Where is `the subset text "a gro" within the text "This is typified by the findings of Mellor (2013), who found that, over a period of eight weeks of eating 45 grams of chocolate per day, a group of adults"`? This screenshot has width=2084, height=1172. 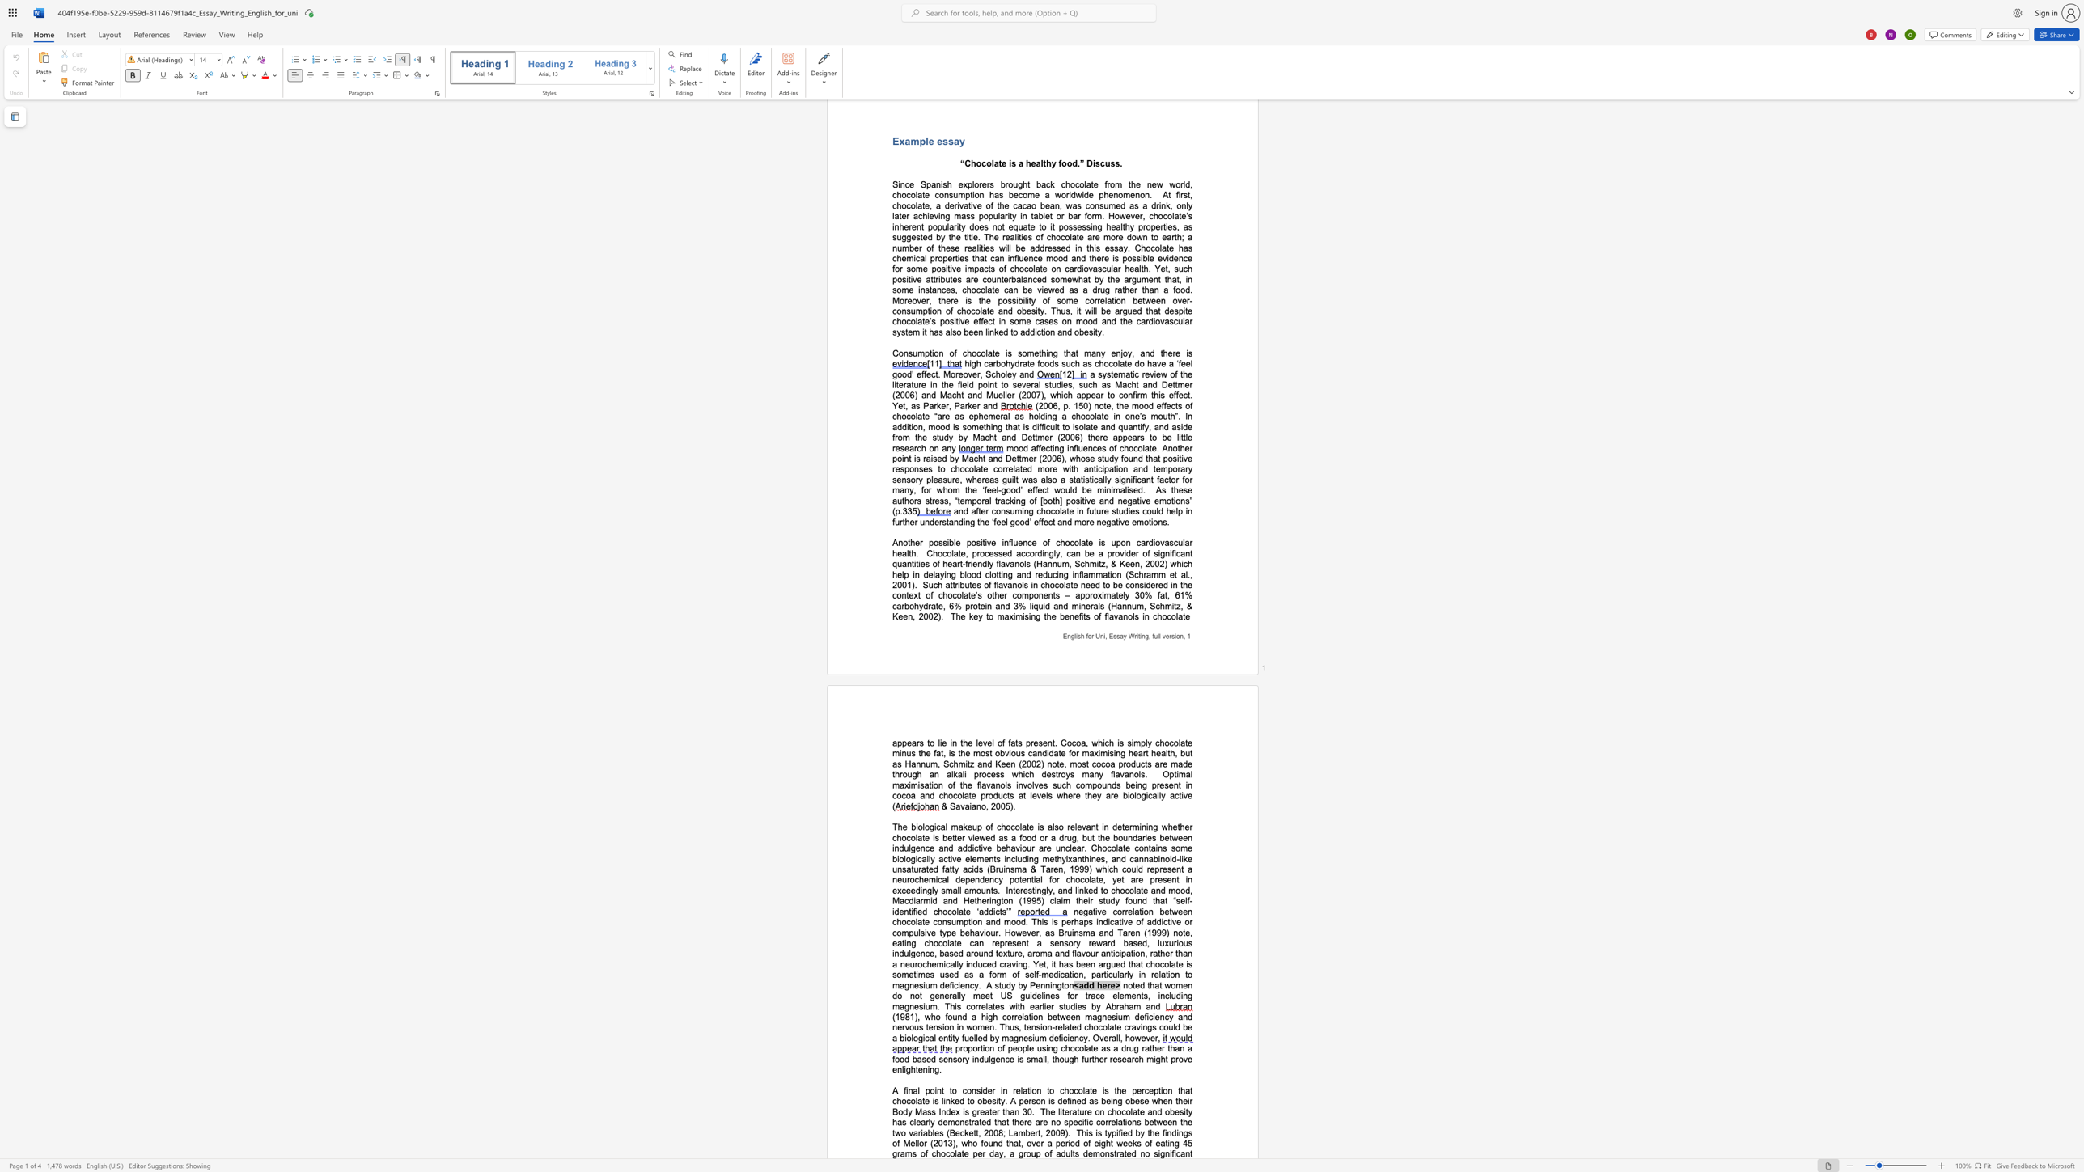
the subset text "a gro" within the text "This is typified by the findings of Mellor (2013), who found that, over a period of eight weeks of eating 45 grams of chocolate per day, a group of adults" is located at coordinates (1008, 1153).